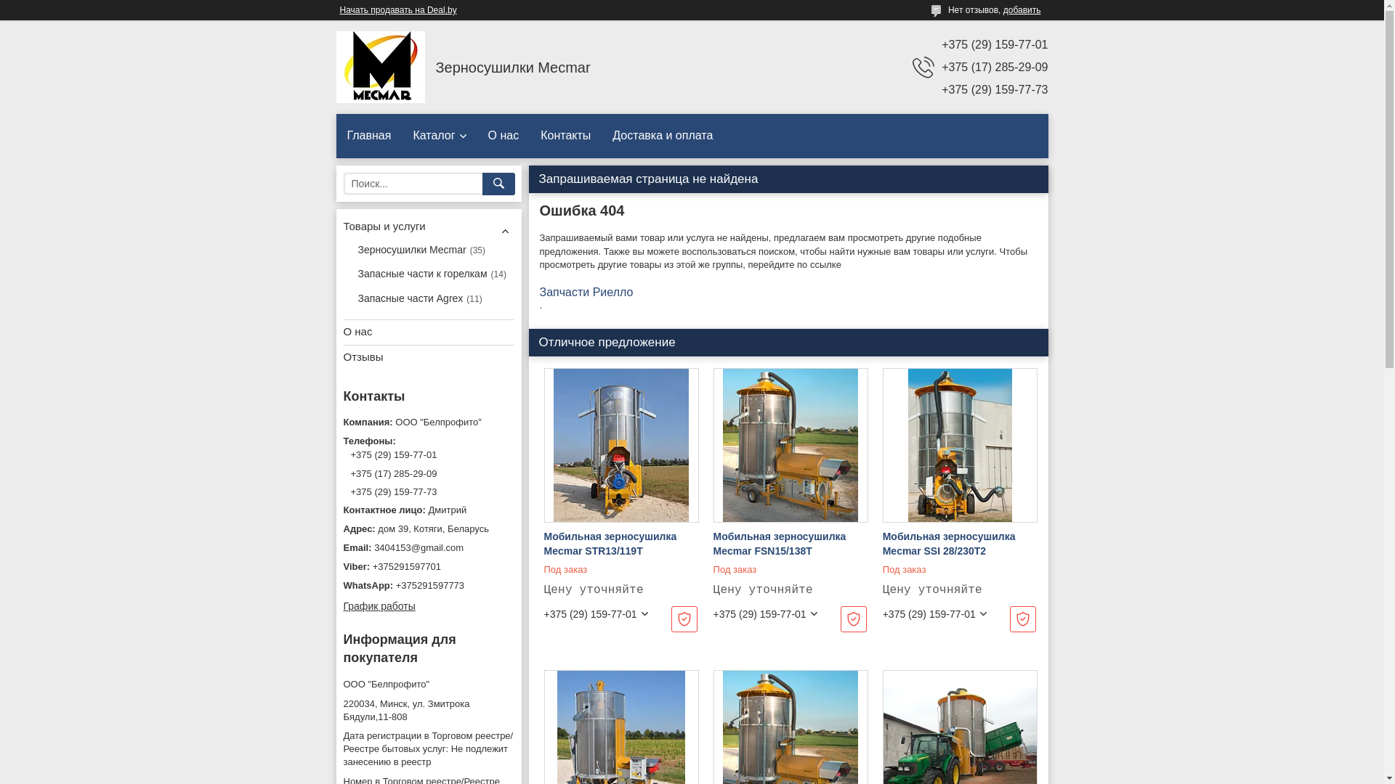 The image size is (1395, 784). Describe the element at coordinates (427, 548) in the screenshot. I see `'3404153@gmail.com'` at that location.